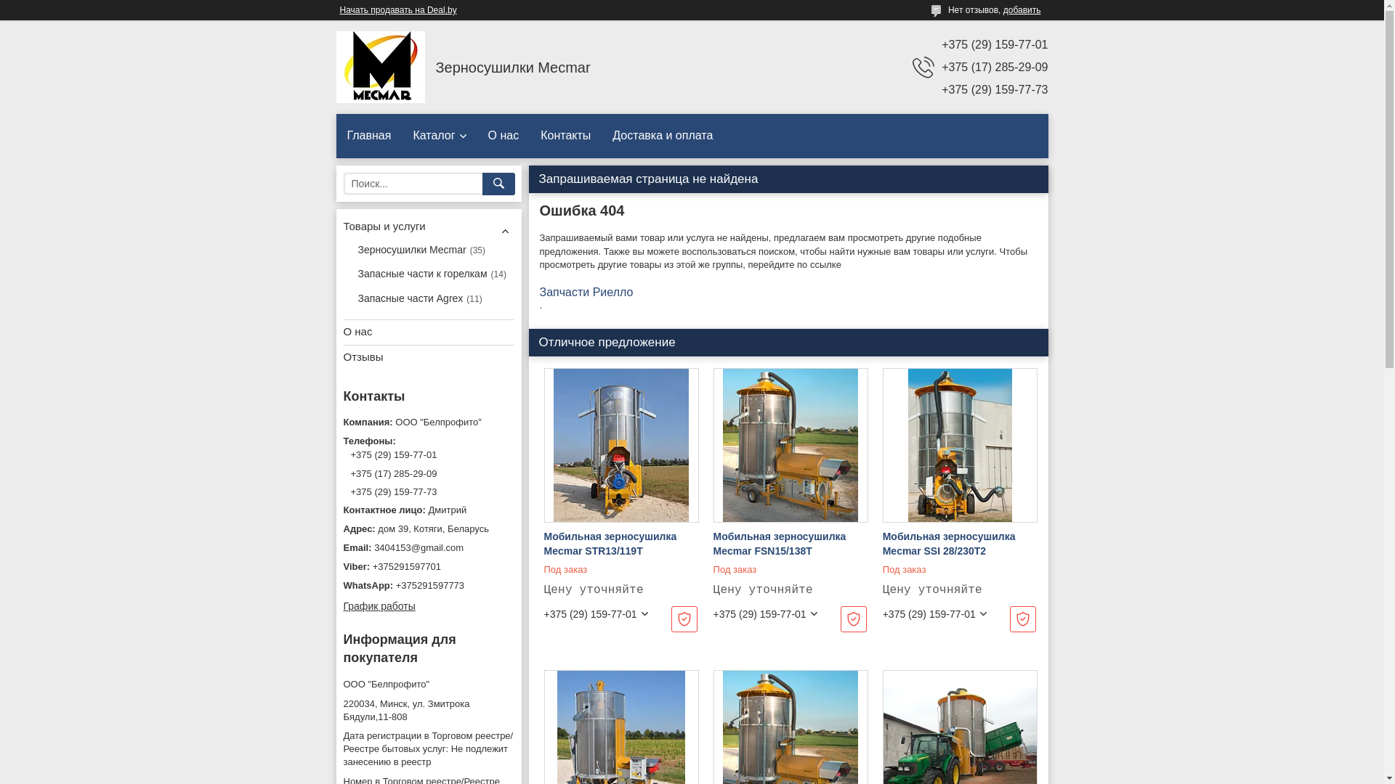 The image size is (1395, 784). Describe the element at coordinates (427, 548) in the screenshot. I see `'3404153@gmail.com'` at that location.